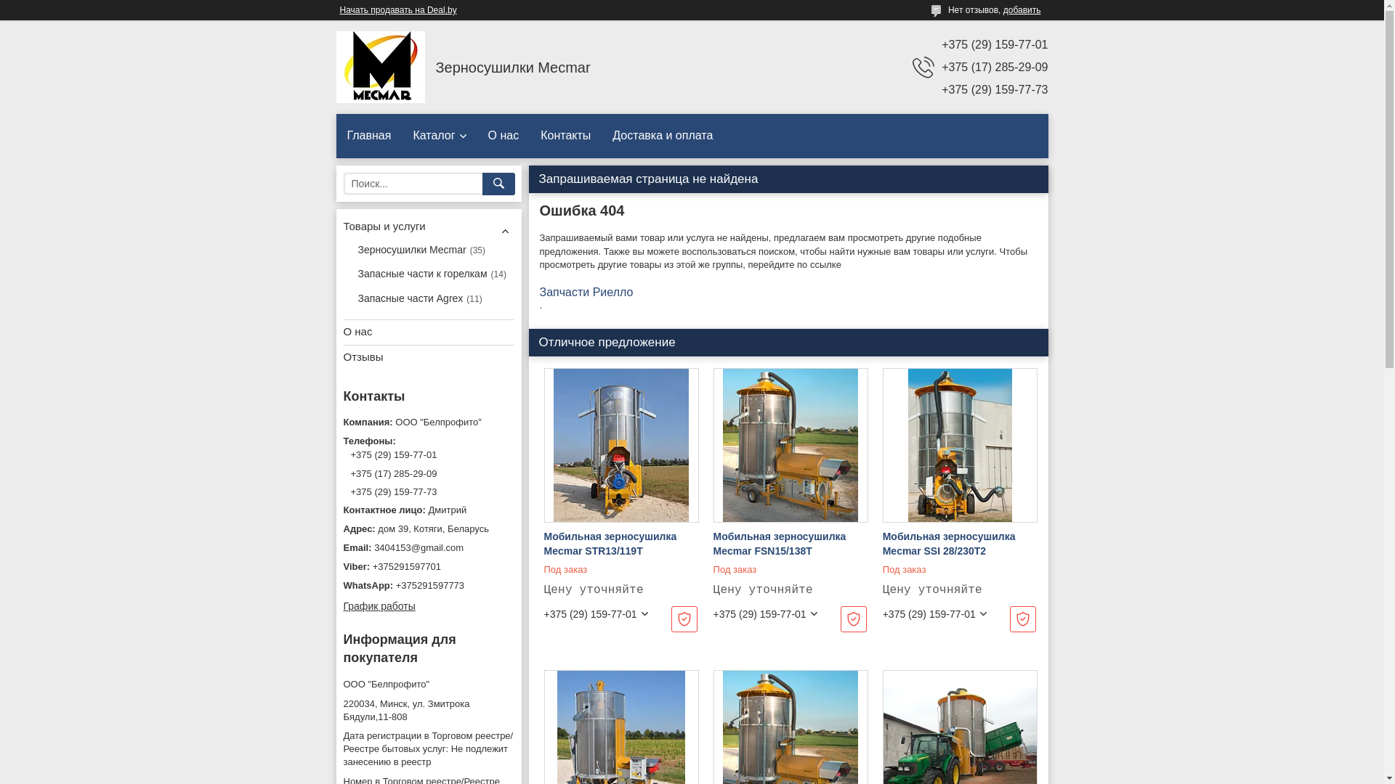 The image size is (1395, 784). Describe the element at coordinates (427, 548) in the screenshot. I see `'3404153@gmail.com'` at that location.